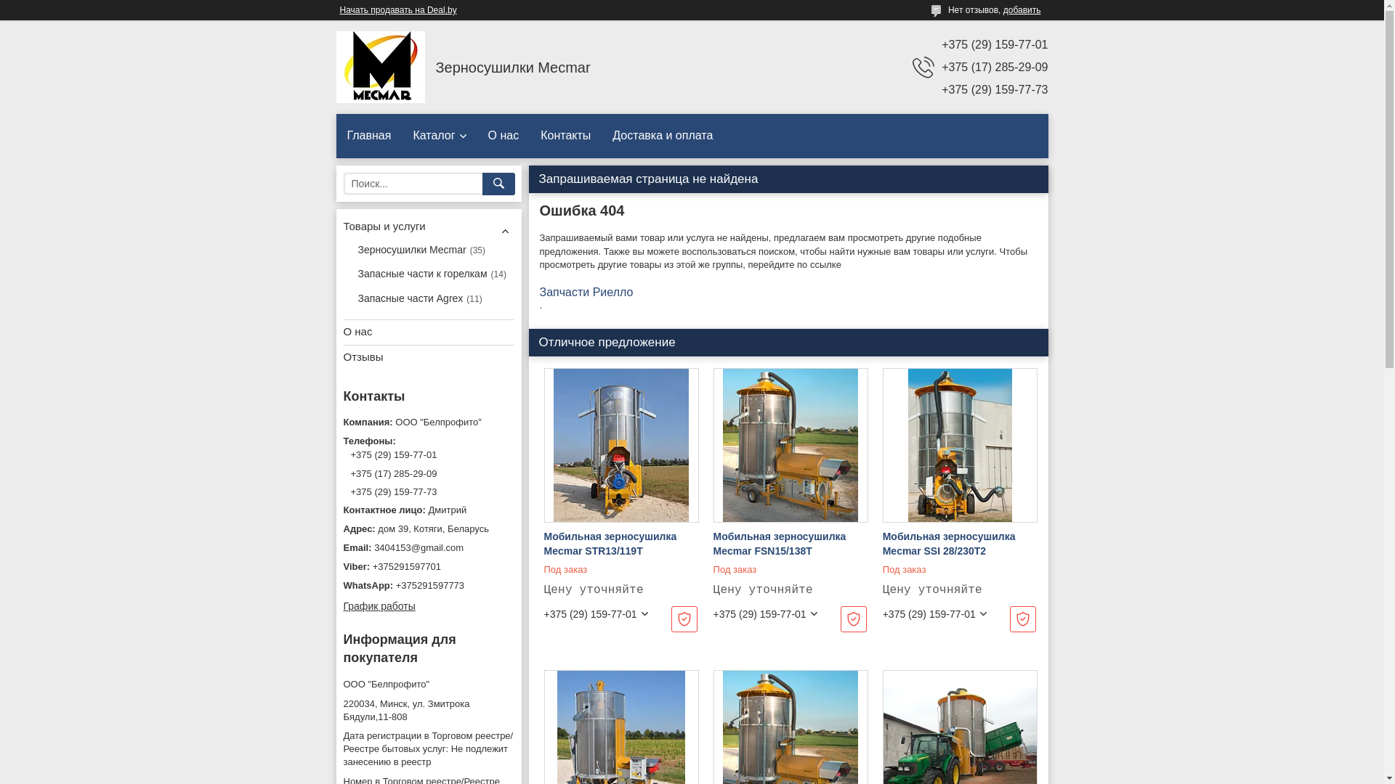 The image size is (1395, 784). Describe the element at coordinates (427, 548) in the screenshot. I see `'3404153@gmail.com'` at that location.